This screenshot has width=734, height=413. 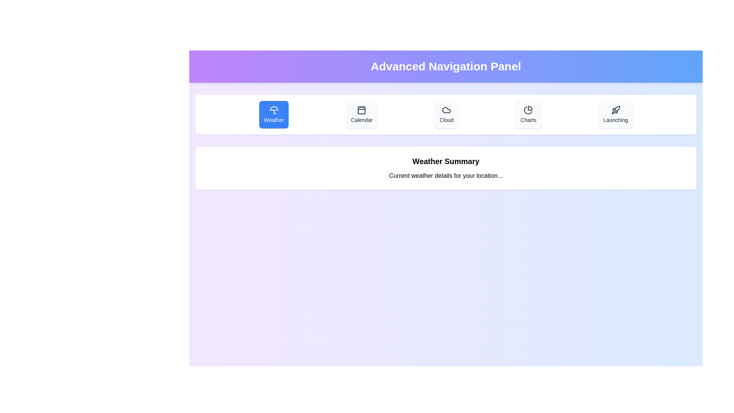 I want to click on the umbrella icon within the blue box labeled 'Weather', so click(x=274, y=110).